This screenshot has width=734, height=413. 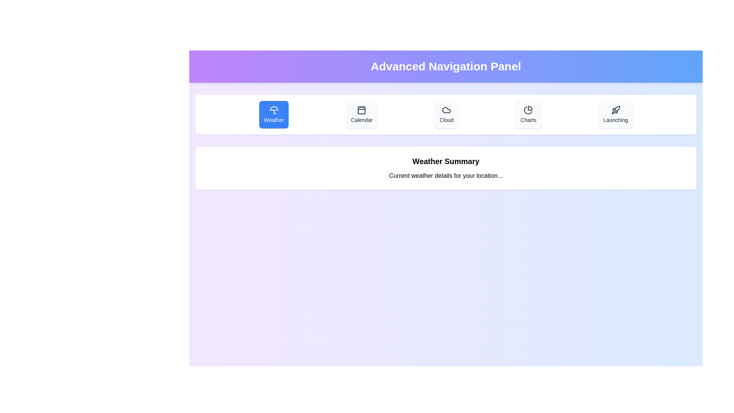 I want to click on the umbrella icon within the blue box labeled 'Weather', so click(x=274, y=110).